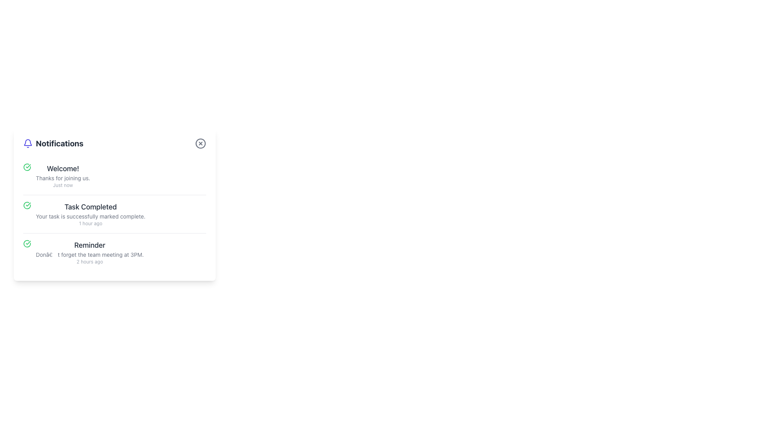 This screenshot has width=757, height=426. I want to click on text from the 'Reminder' label which is prominently styled in a large and bold typeface, located in the third notification entry of a notification card, so click(89, 245).